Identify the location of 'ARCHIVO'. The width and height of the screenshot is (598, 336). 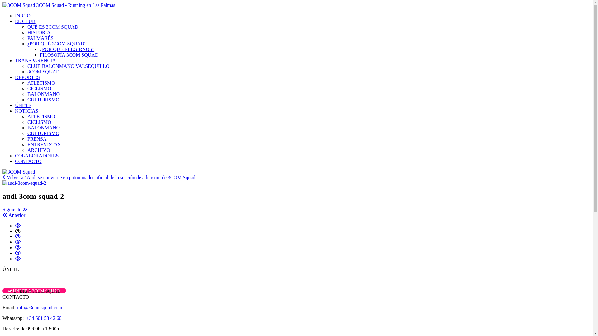
(27, 150).